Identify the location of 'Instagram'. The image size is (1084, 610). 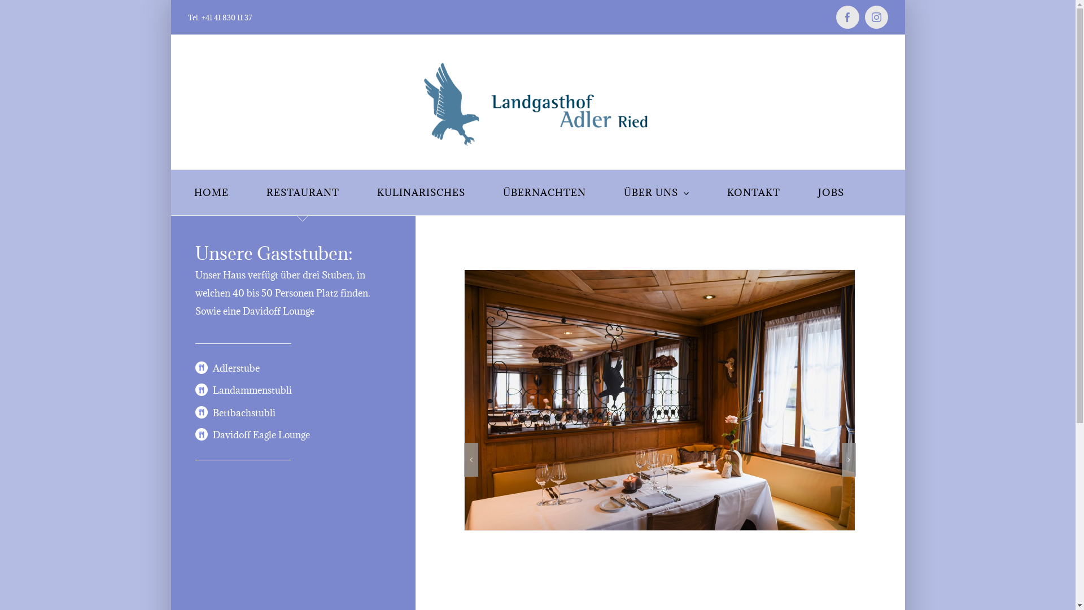
(864, 17).